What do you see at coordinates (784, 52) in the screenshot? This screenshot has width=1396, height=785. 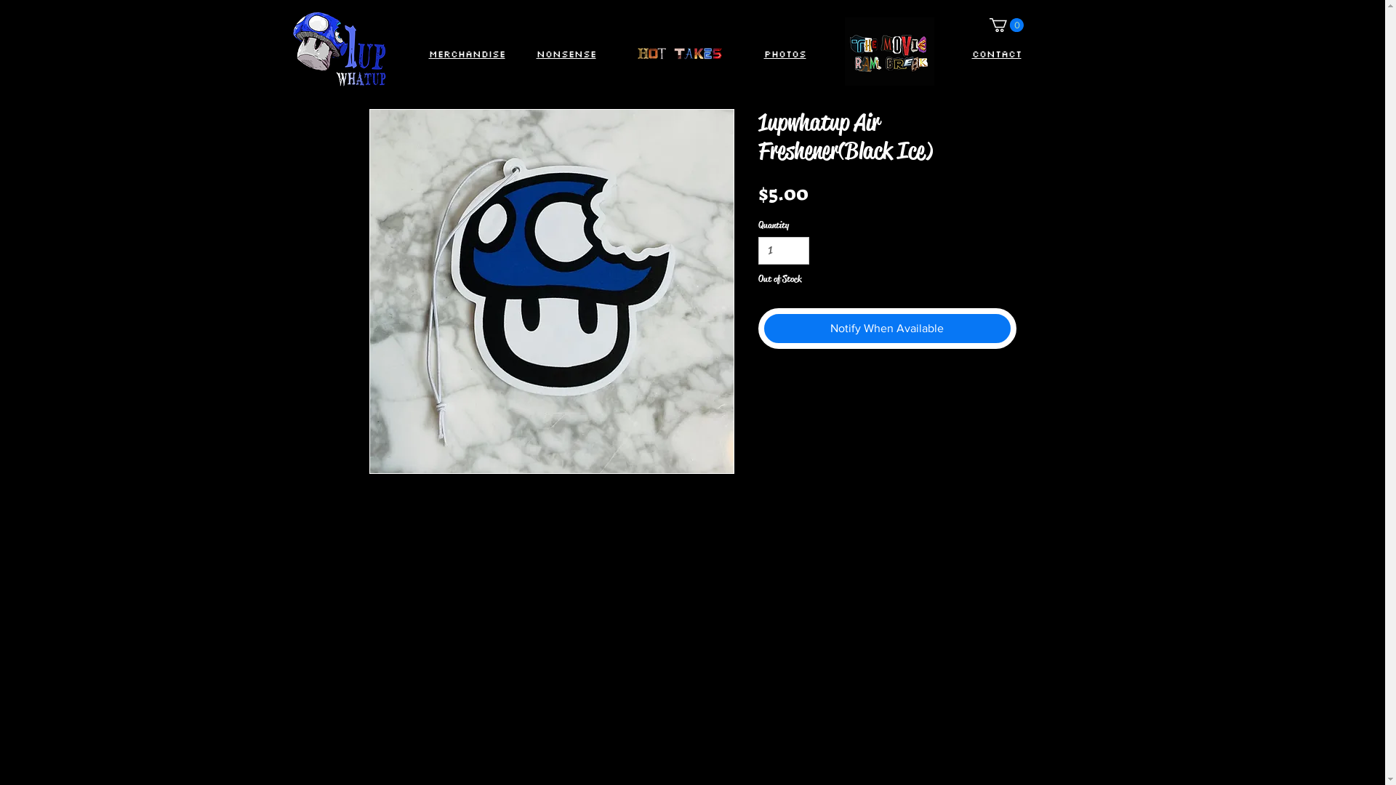 I see `'Photos'` at bounding box center [784, 52].